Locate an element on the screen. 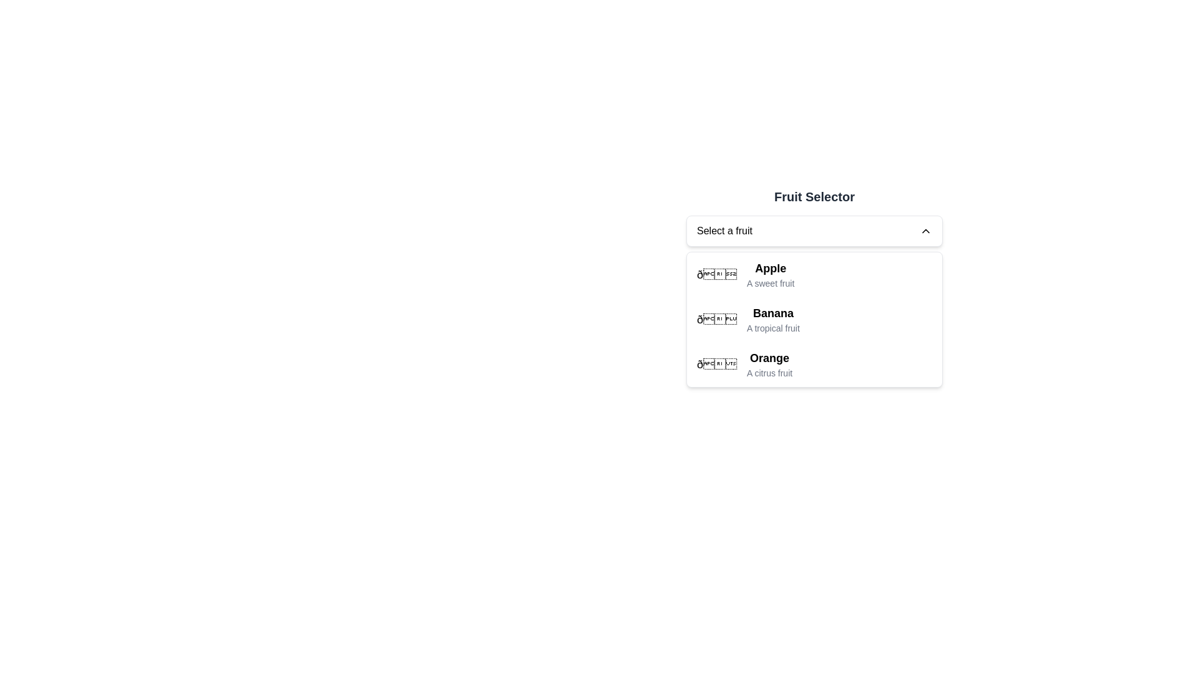 The width and height of the screenshot is (1198, 673). the orange icon located in the fruit selection dropdown, which is the leftmost component of the third item, to associate it with its corresponding text labels 'Orange' and 'A citrus fruit' is located at coordinates (721, 365).